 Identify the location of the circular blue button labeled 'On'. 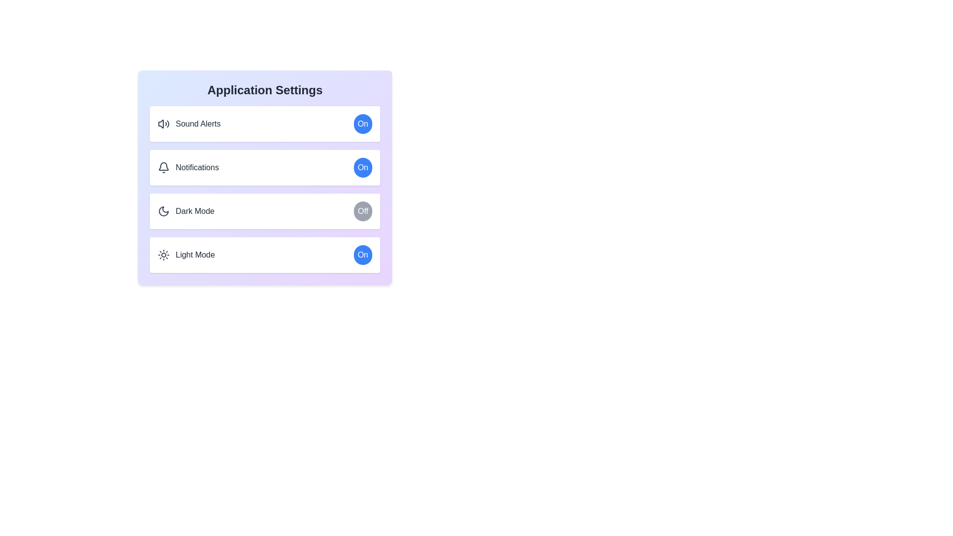
(362, 167).